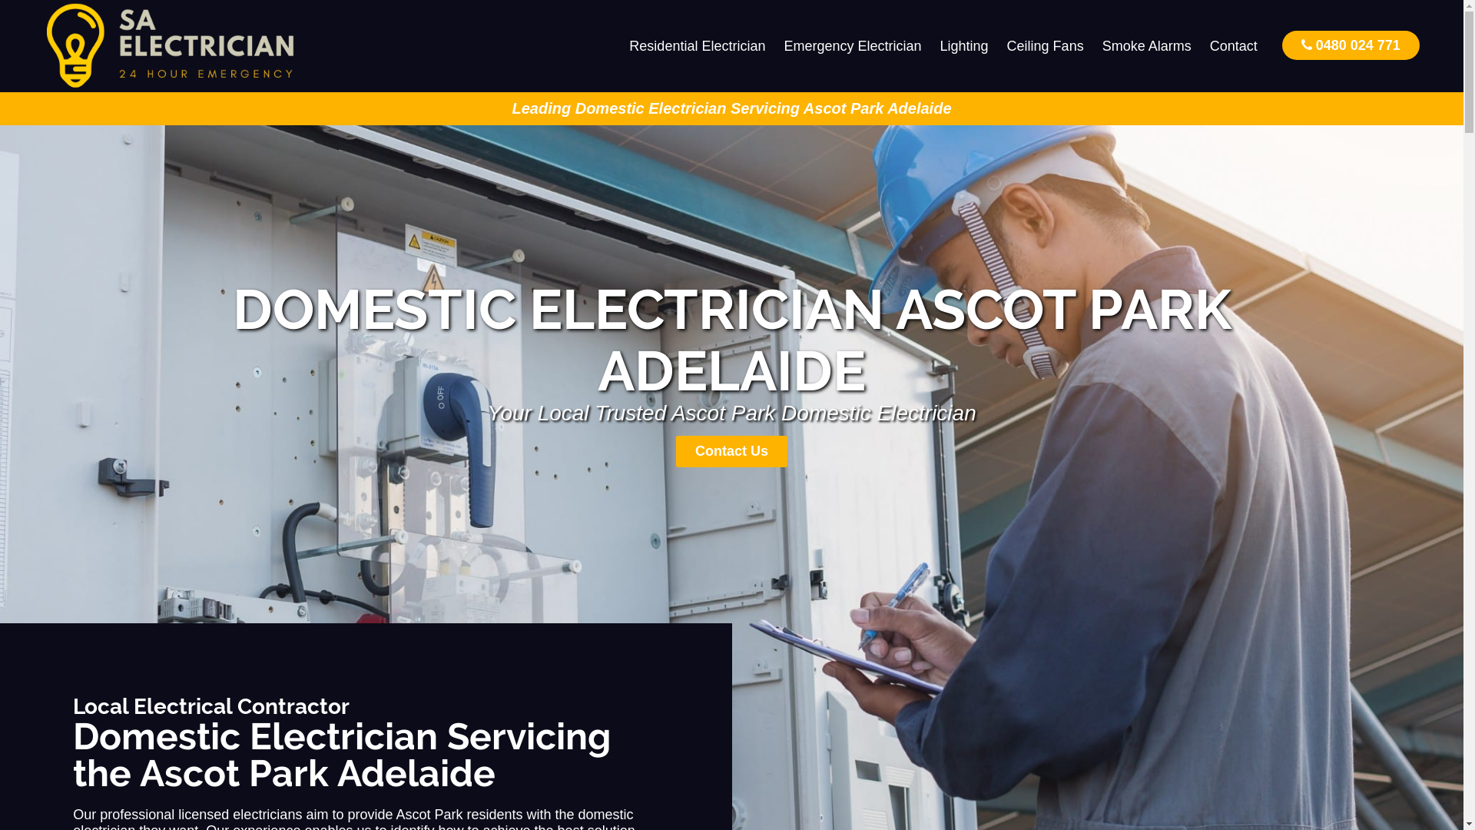 The image size is (1475, 830). What do you see at coordinates (1045, 45) in the screenshot?
I see `'Ceiling Fans'` at bounding box center [1045, 45].